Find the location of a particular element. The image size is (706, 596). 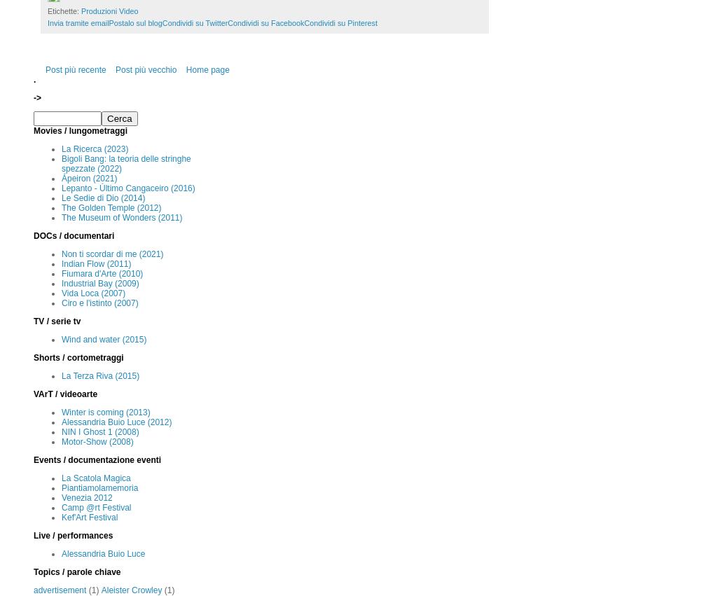

'Post più recente' is located at coordinates (75, 69).